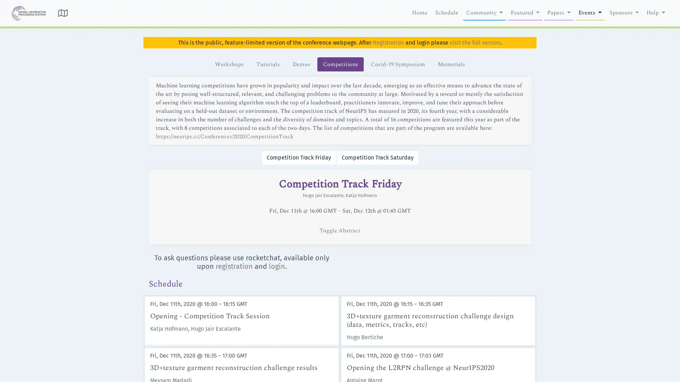 The height and width of the screenshot is (382, 680). I want to click on Toggle Abstract, so click(340, 230).